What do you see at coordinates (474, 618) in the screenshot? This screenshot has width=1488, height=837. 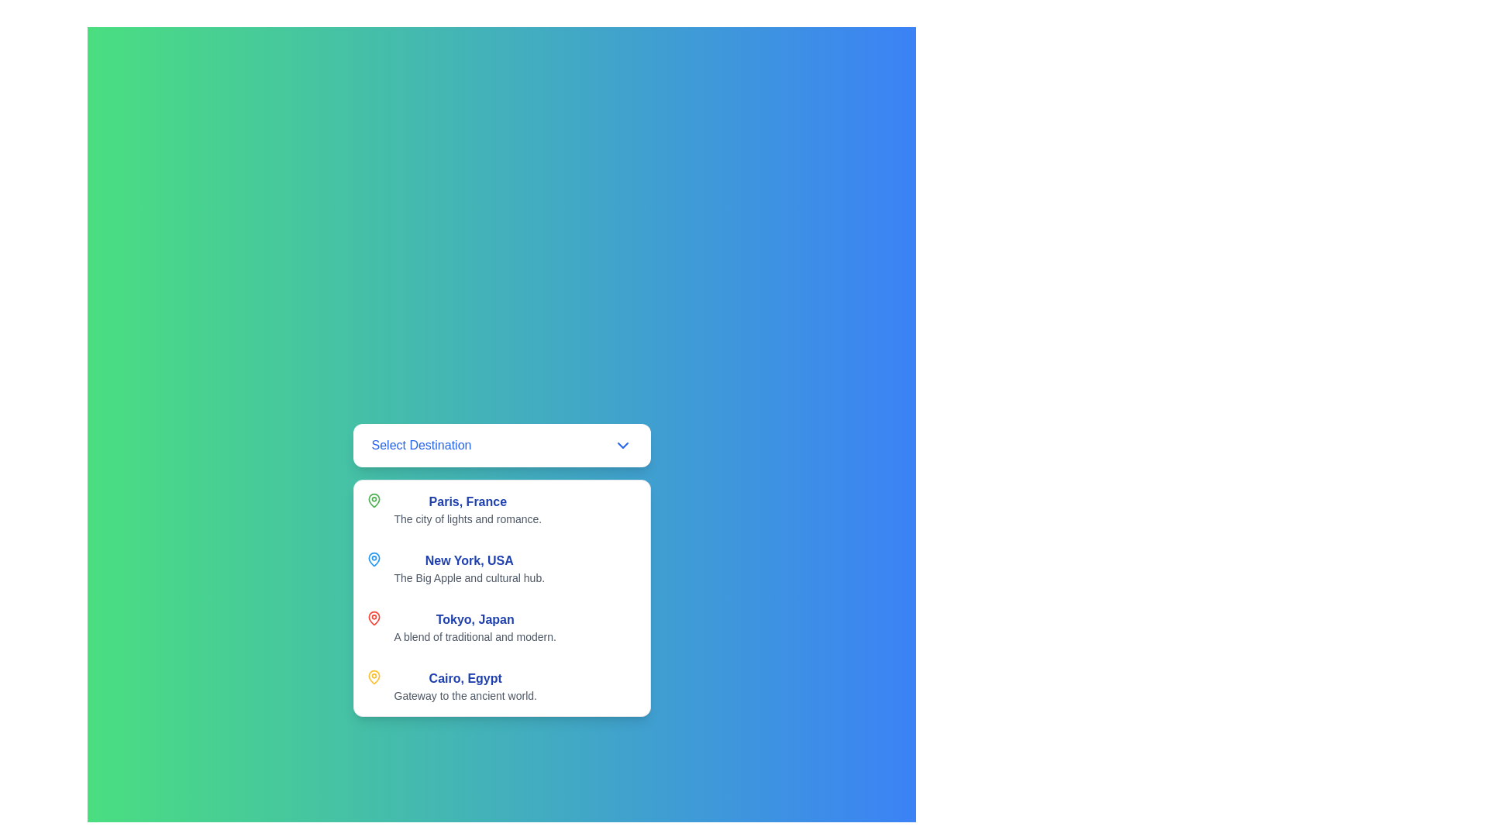 I see `the selectable text label for the location 'Tokyo, Japan' in the dropdown menu` at bounding box center [474, 618].